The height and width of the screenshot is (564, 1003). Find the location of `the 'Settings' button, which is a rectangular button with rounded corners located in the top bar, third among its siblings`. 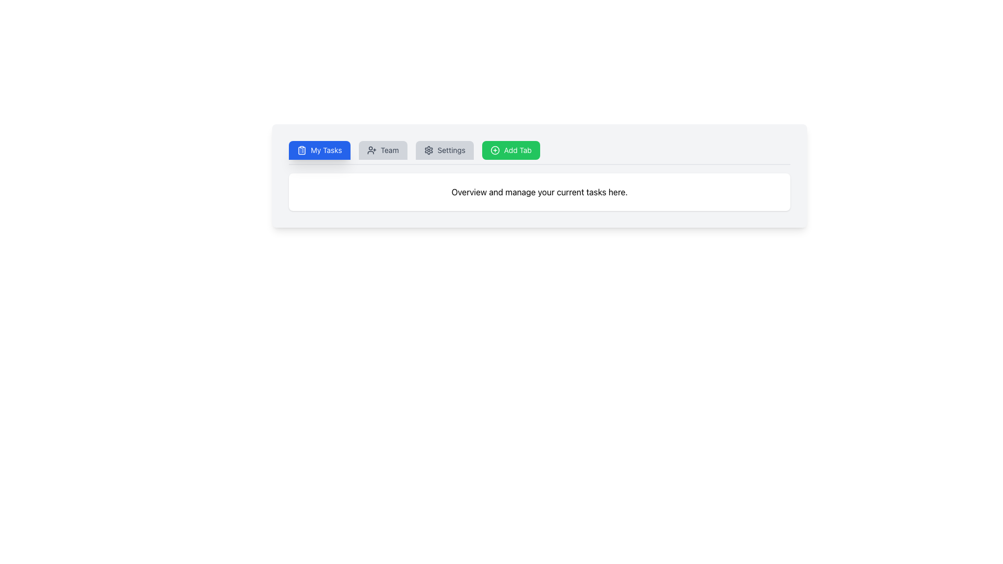

the 'Settings' button, which is a rectangular button with rounded corners located in the top bar, third among its siblings is located at coordinates (445, 150).